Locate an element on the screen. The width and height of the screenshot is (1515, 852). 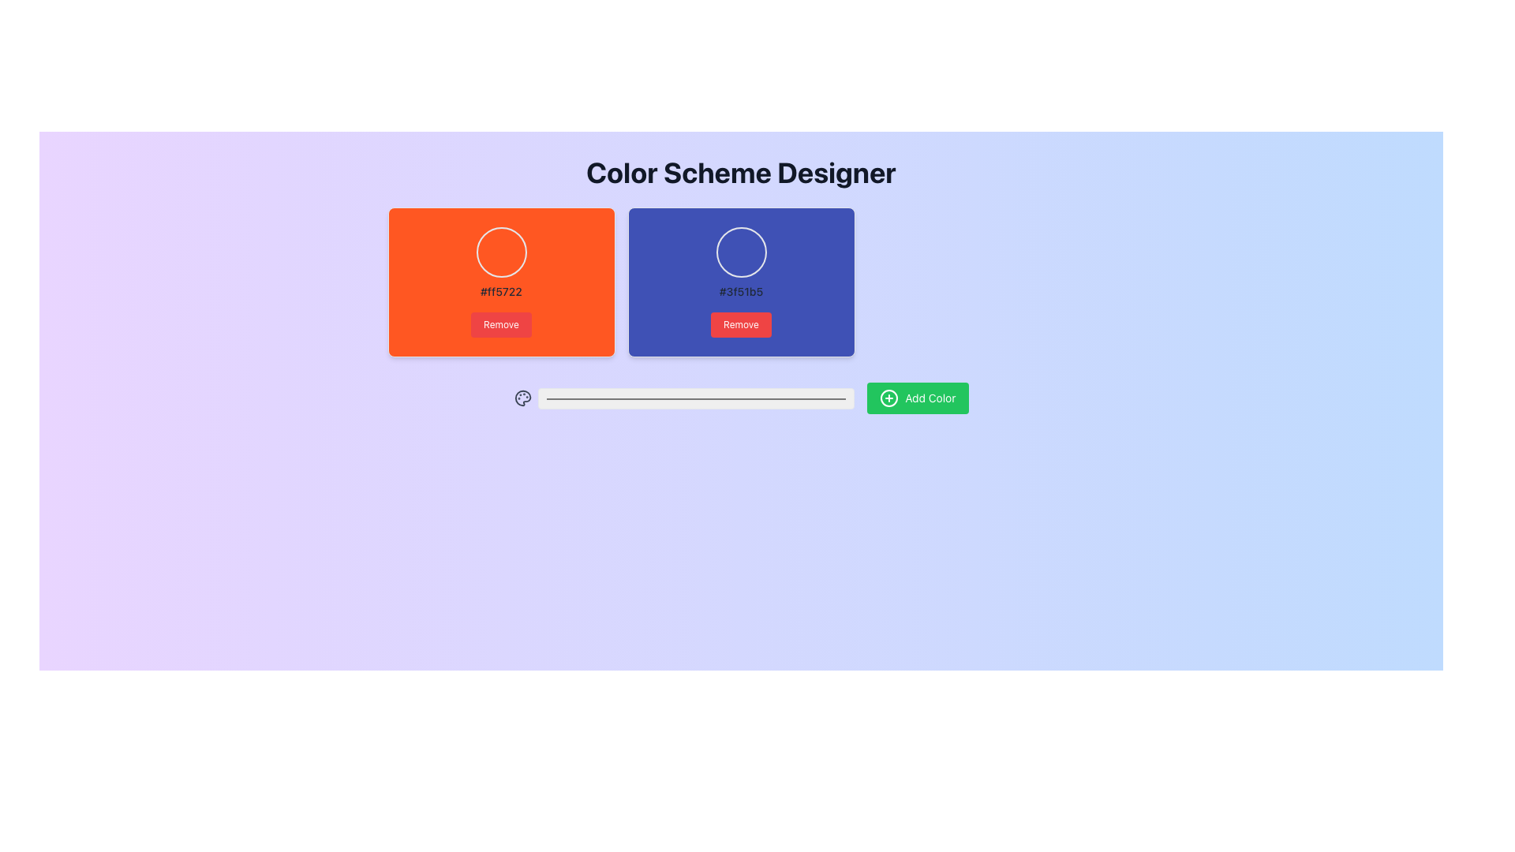
the icon located to the left of the green 'Add Color' button is located at coordinates (889, 398).